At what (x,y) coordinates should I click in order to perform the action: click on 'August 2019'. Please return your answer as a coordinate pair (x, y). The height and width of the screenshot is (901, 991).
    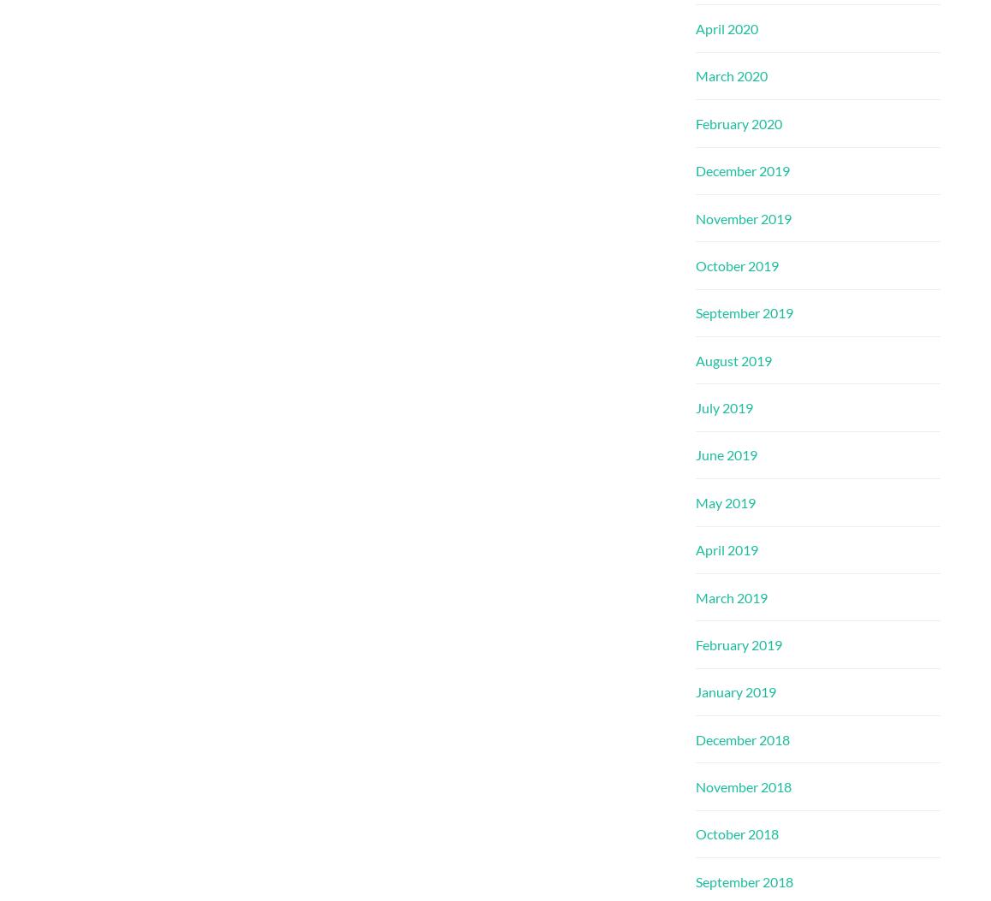
    Looking at the image, I should click on (733, 359).